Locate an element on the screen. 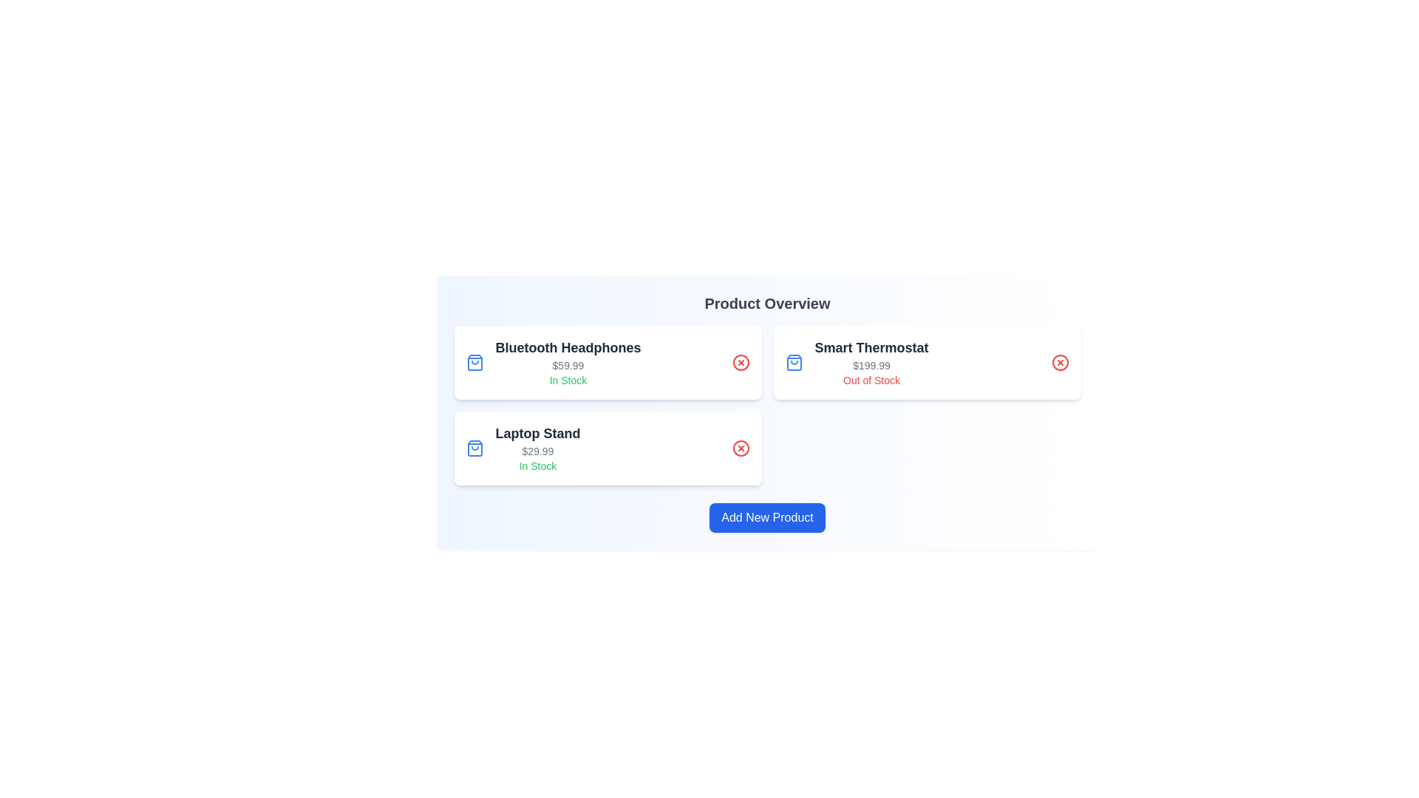 This screenshot has width=1419, height=798. the shopping bag icon for the product Smart Thermostat is located at coordinates (793, 362).